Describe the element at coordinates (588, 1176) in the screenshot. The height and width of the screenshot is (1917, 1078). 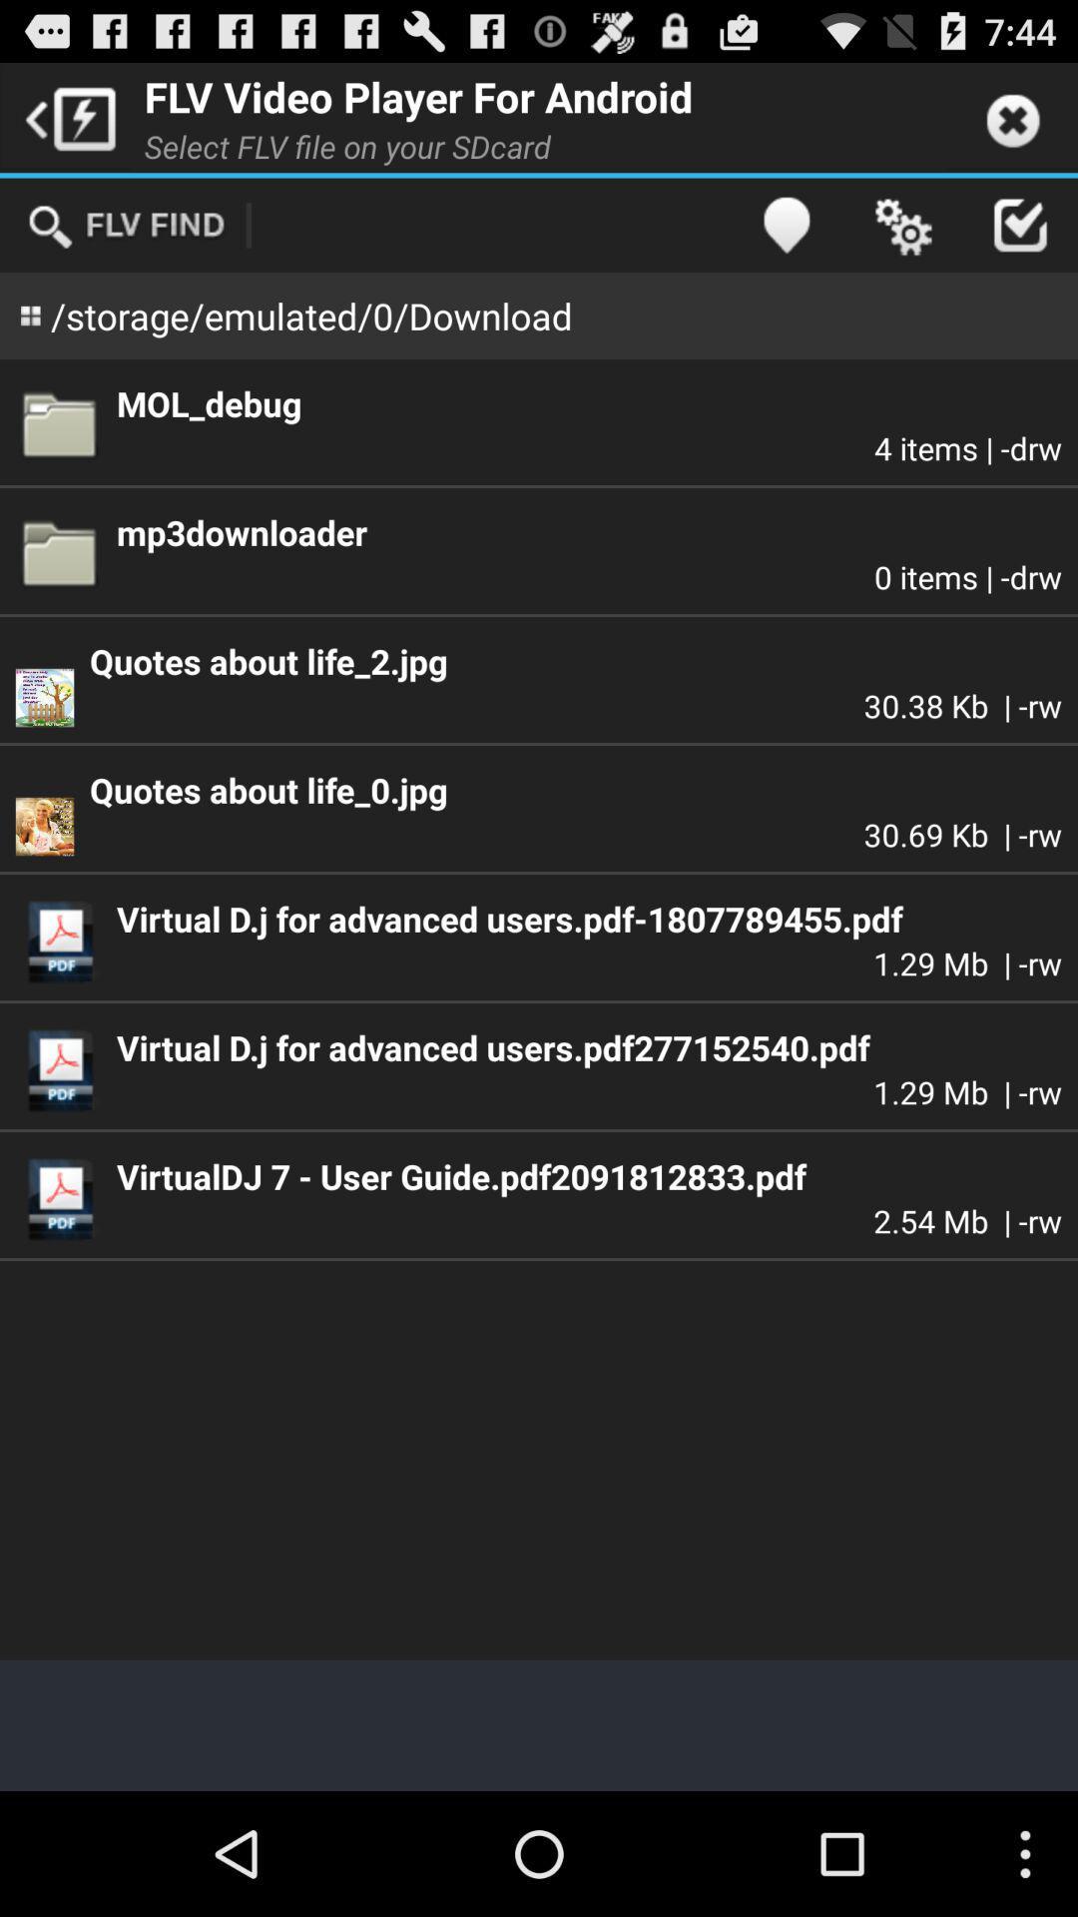
I see `the app above 2 54 mb app` at that location.